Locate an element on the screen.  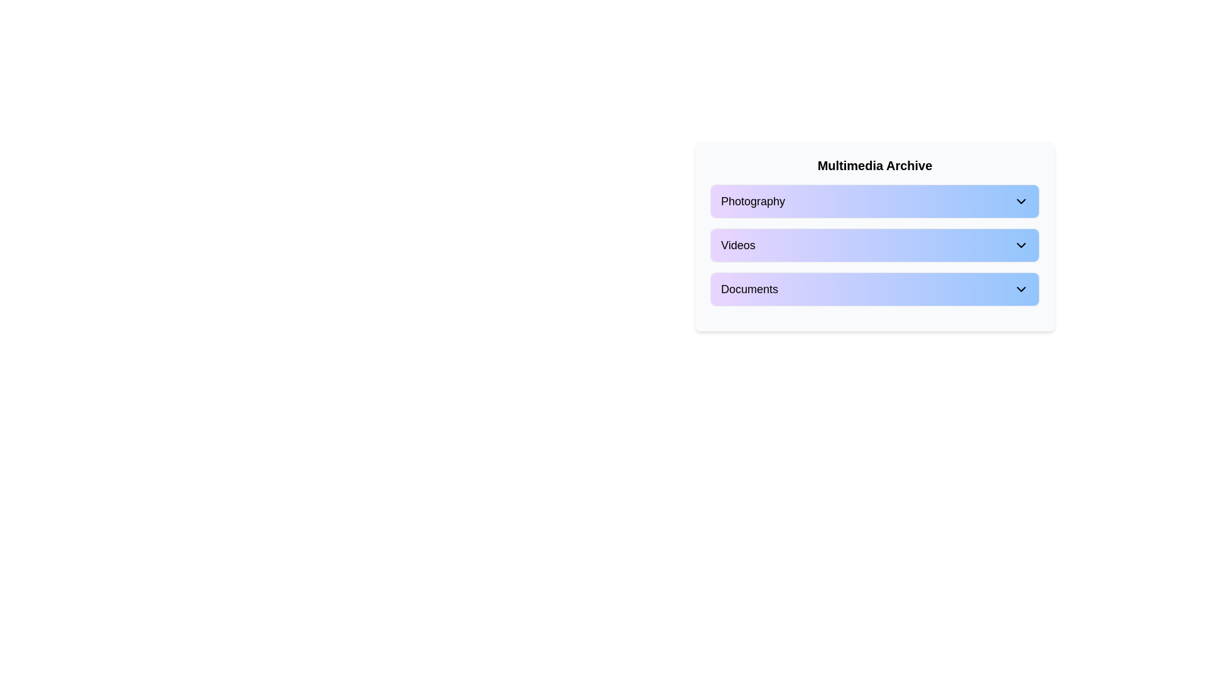
the 'Documents' label is located at coordinates (749, 289).